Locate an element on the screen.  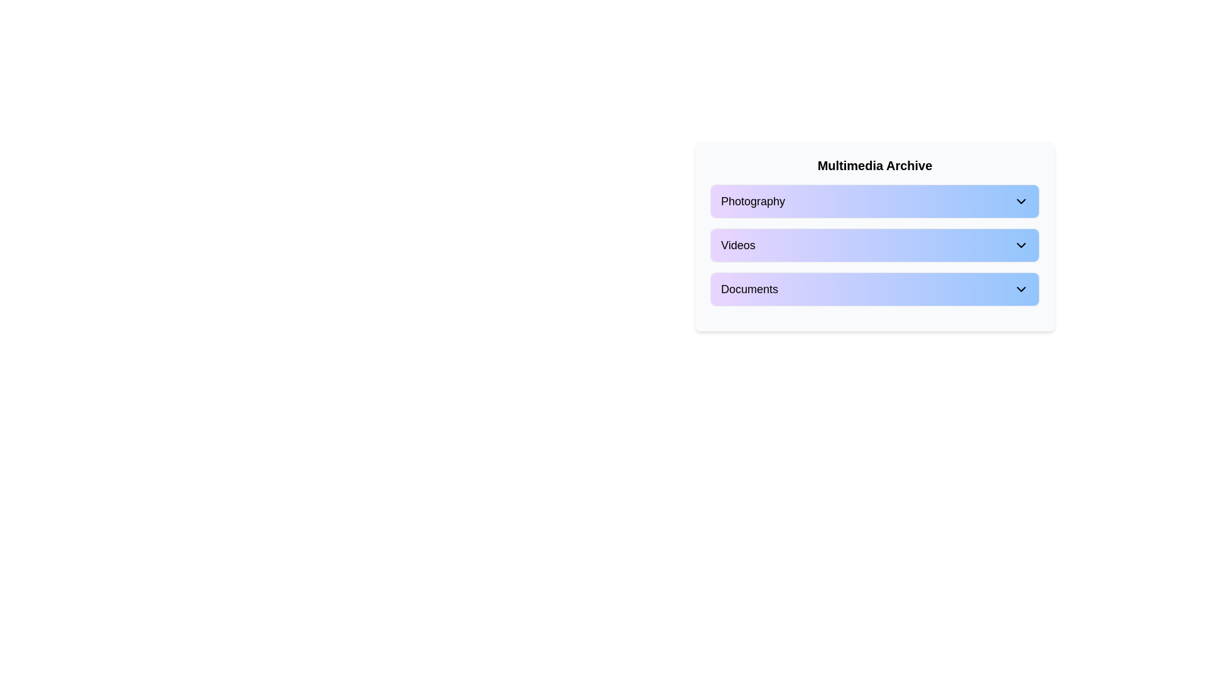
the 'Documents' label is located at coordinates (749, 289).